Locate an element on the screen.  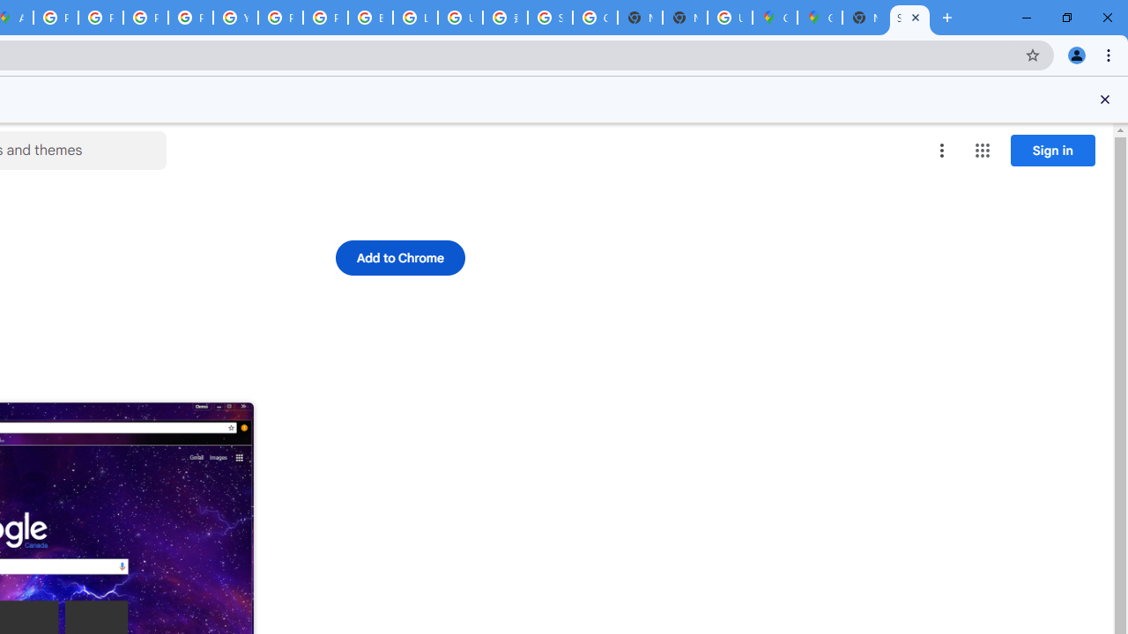
'Use Google Maps in Space - Google Maps Help' is located at coordinates (730, 18).